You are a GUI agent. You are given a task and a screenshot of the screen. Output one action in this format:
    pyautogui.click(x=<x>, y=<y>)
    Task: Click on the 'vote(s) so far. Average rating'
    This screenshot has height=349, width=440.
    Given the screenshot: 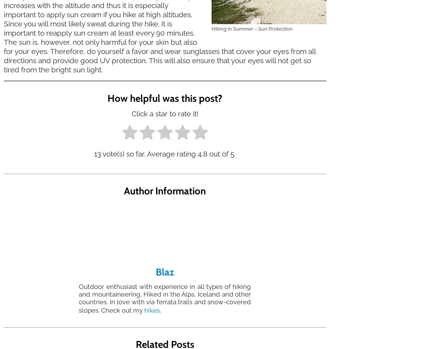 What is the action you would take?
    pyautogui.click(x=149, y=153)
    